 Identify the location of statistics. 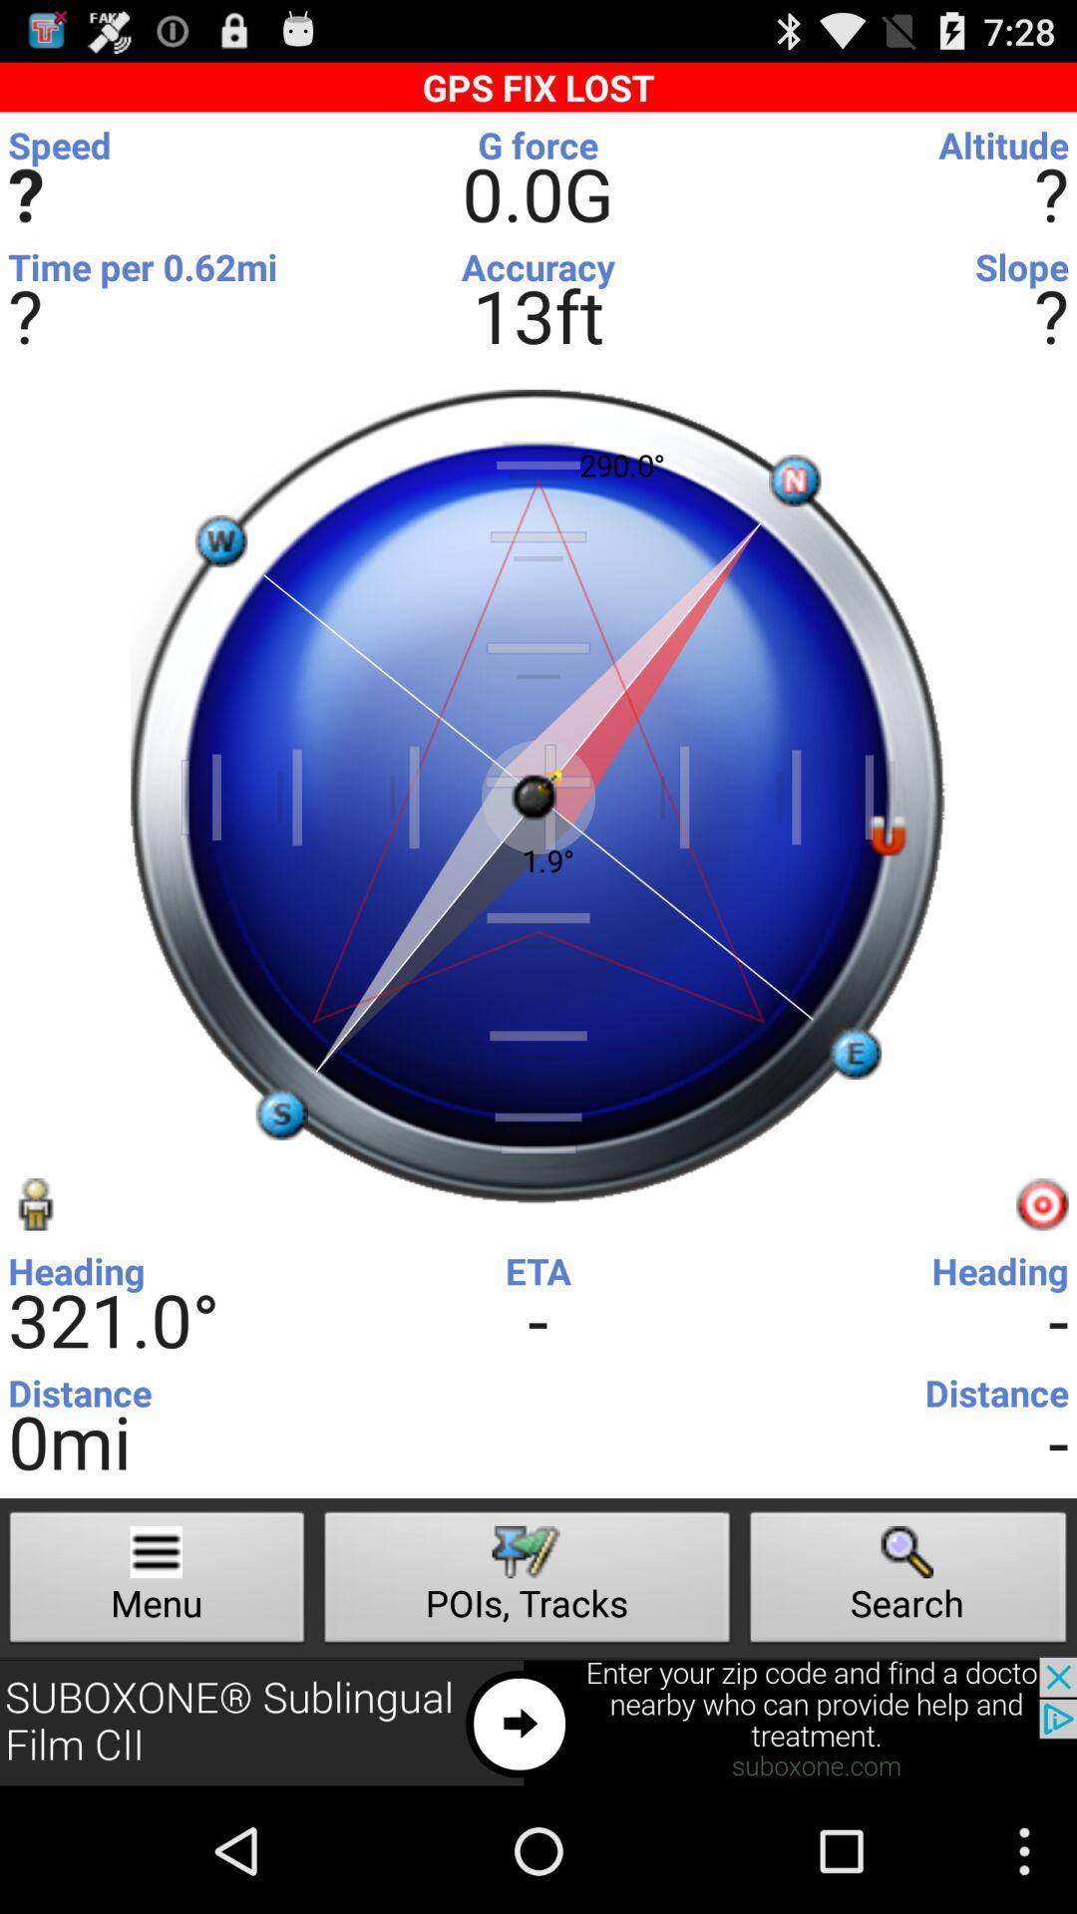
(533, 150).